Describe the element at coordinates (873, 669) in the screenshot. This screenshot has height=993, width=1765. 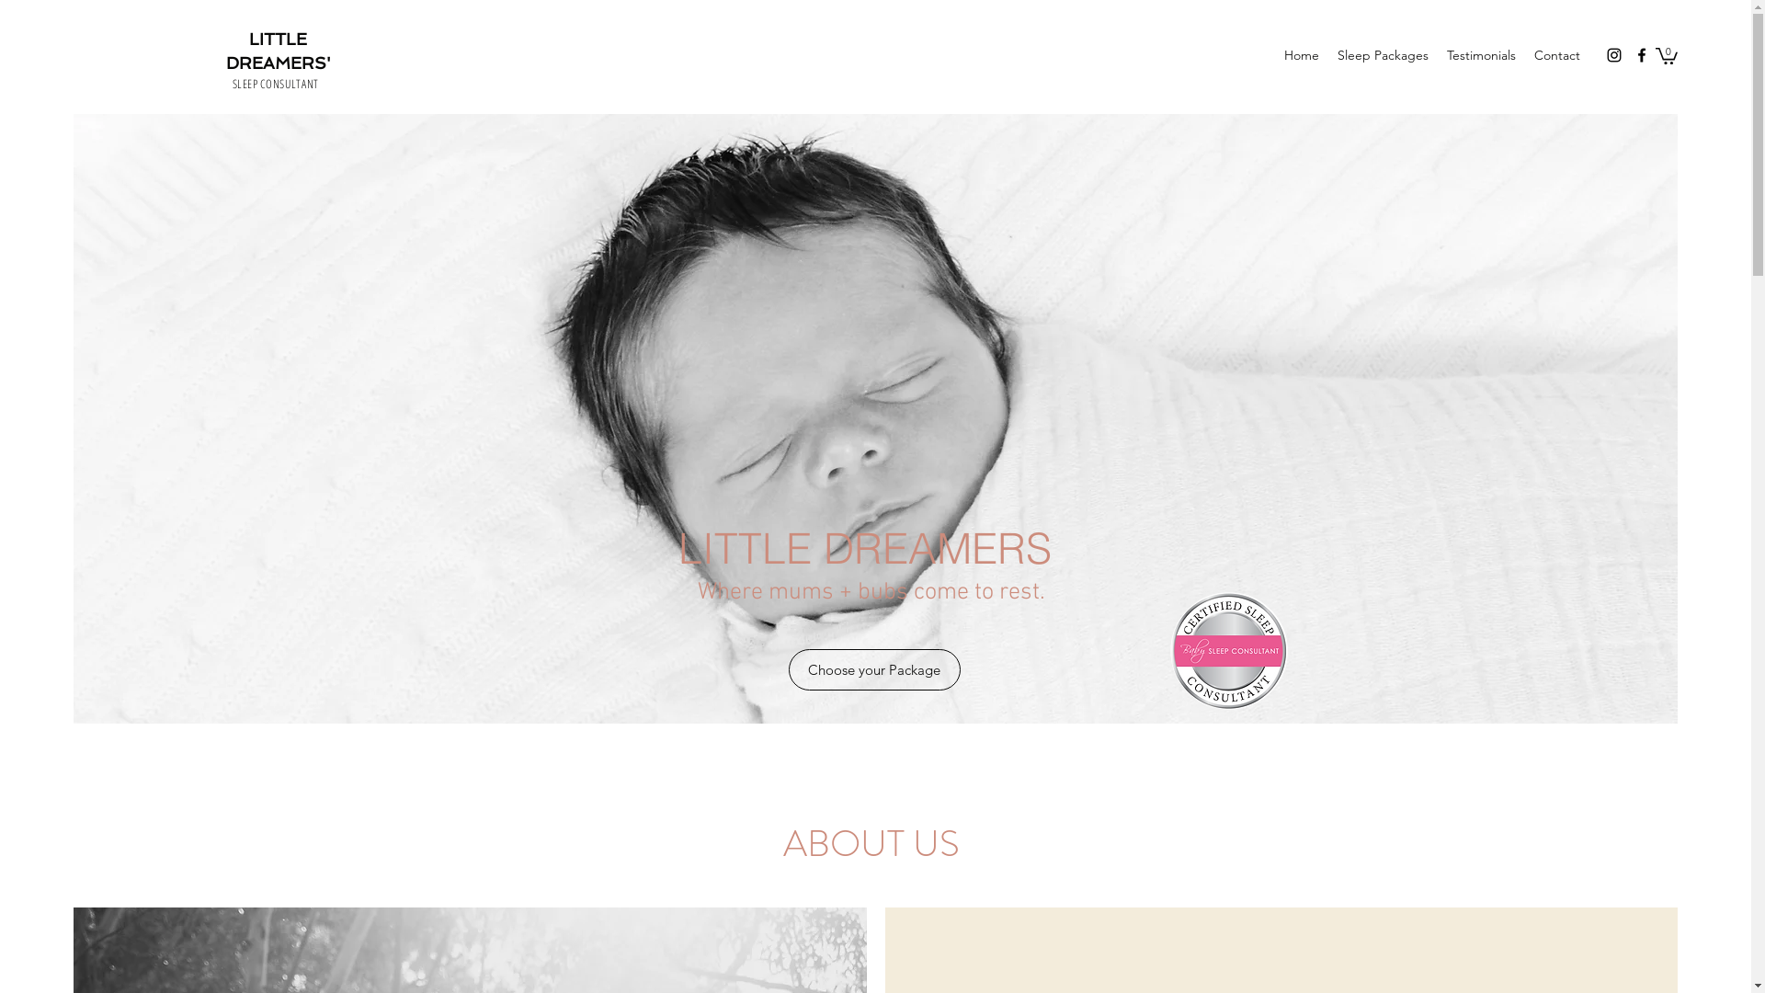
I see `'Choose your Package'` at that location.